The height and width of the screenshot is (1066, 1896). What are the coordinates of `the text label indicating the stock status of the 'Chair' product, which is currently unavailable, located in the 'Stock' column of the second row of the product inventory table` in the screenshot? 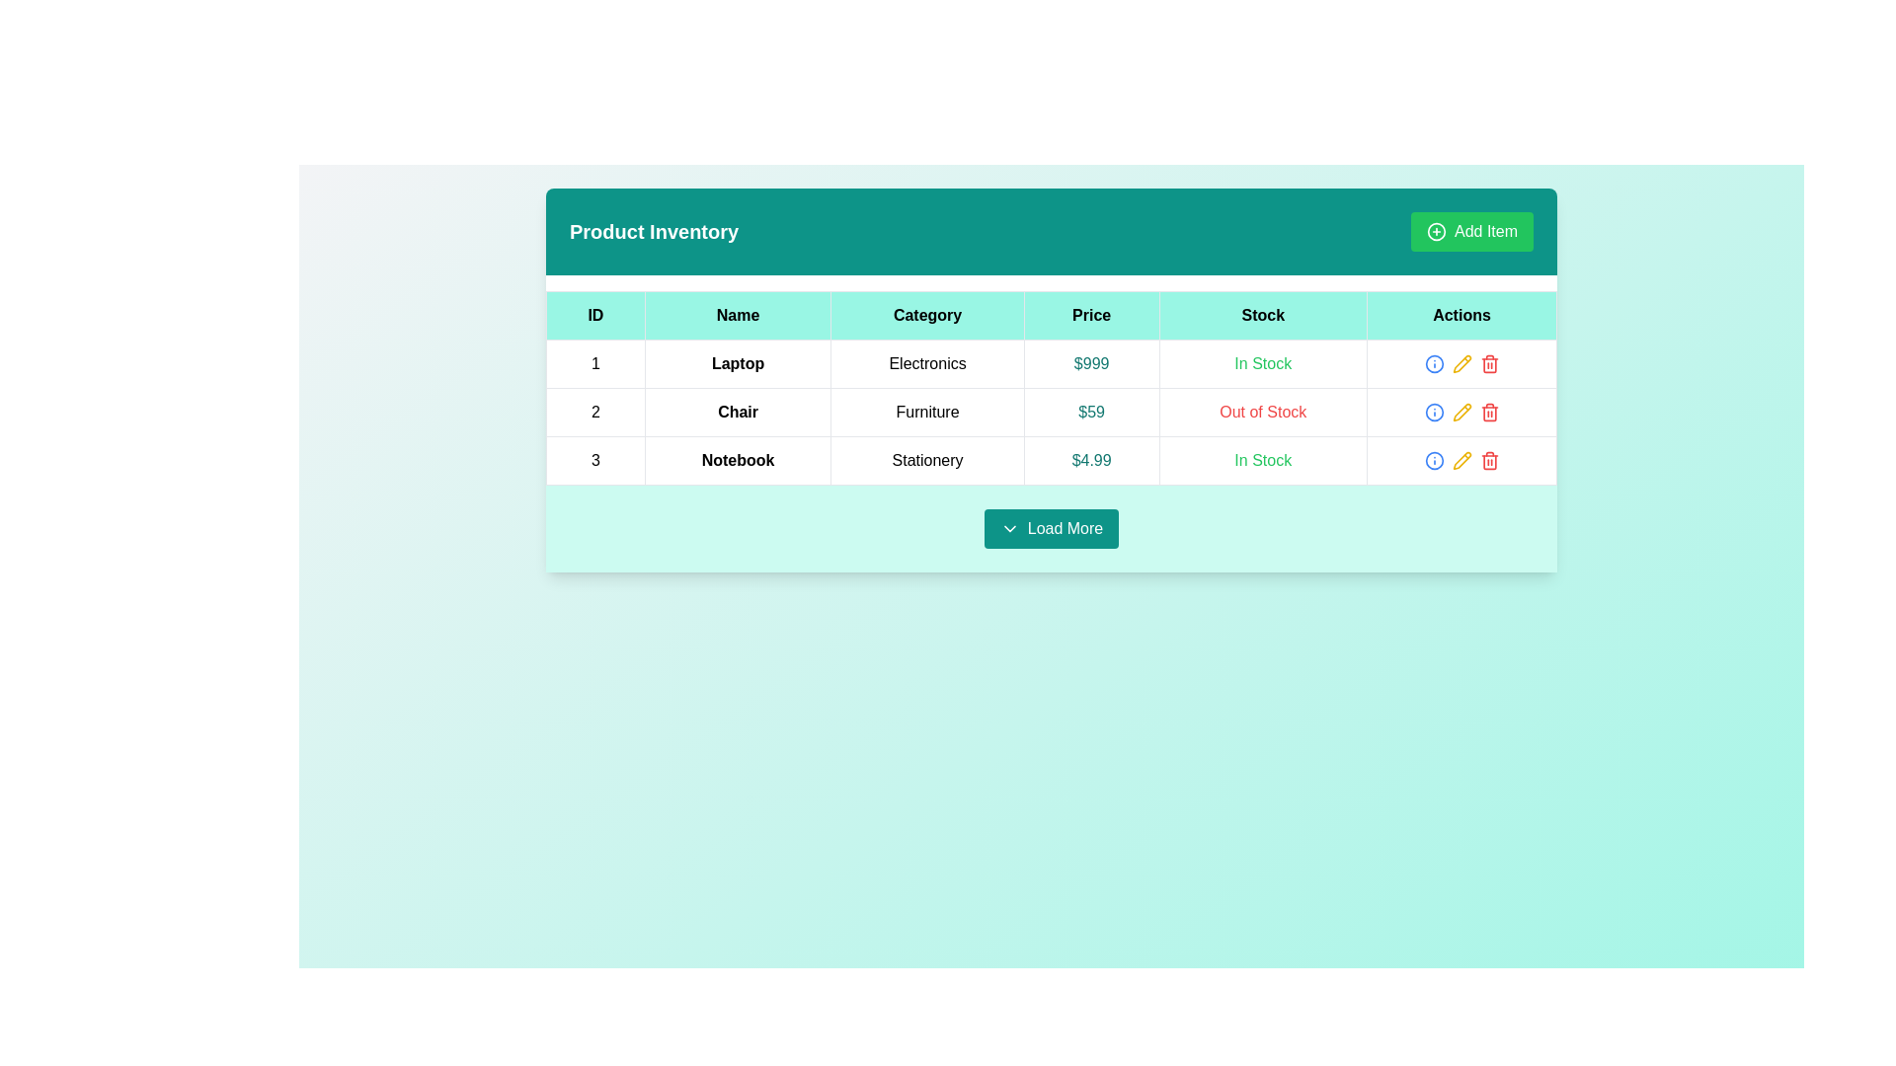 It's located at (1262, 411).